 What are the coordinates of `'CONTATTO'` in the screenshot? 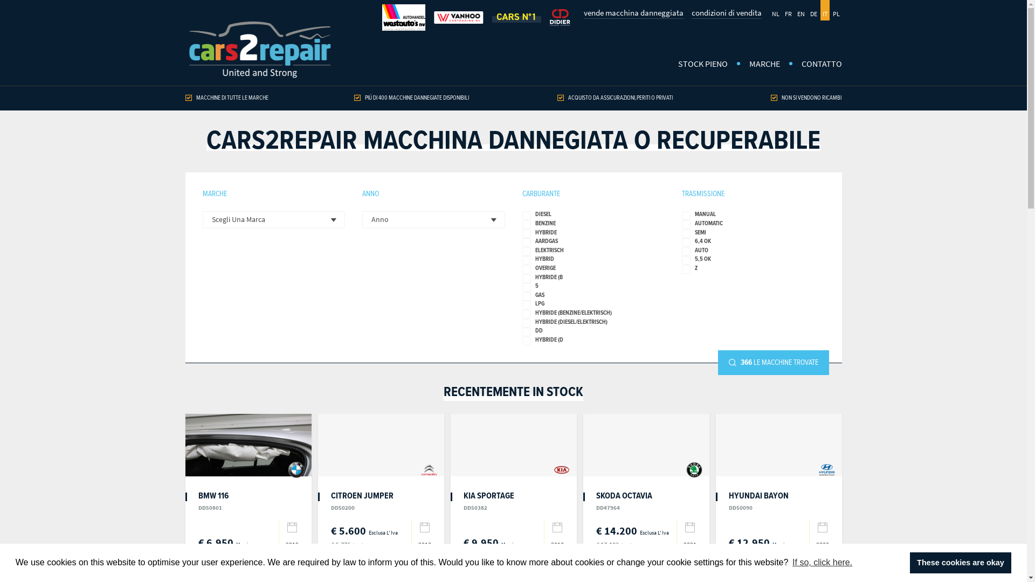 It's located at (816, 64).